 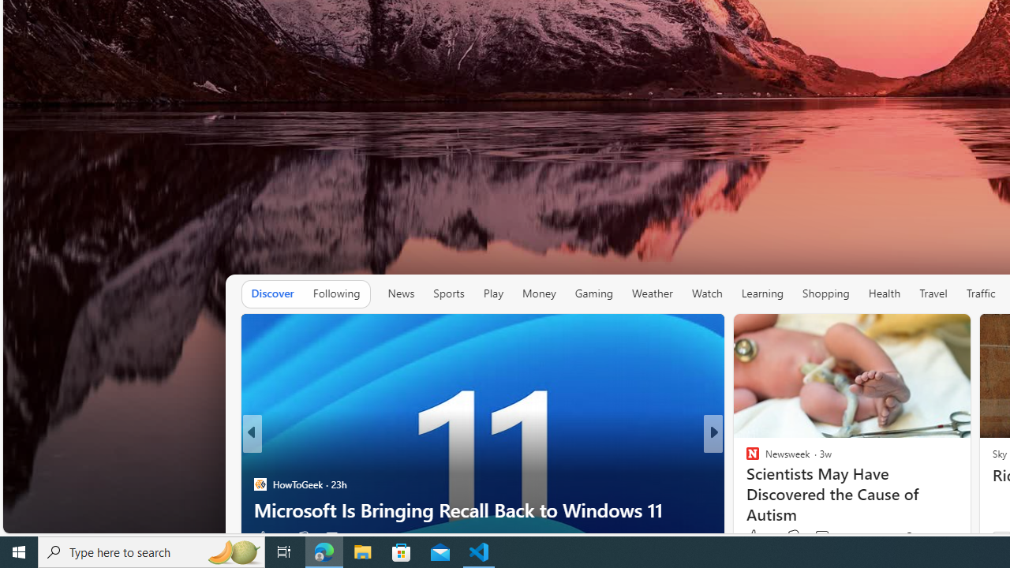 What do you see at coordinates (817, 536) in the screenshot?
I see `'View comments 62 Comment'` at bounding box center [817, 536].